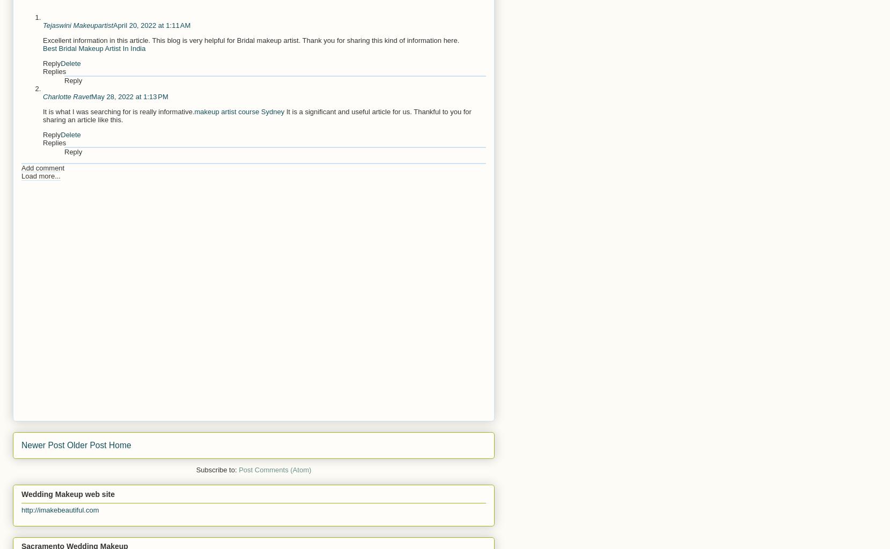 This screenshot has width=890, height=549. What do you see at coordinates (239, 112) in the screenshot?
I see `'makeup artist course Sydney'` at bounding box center [239, 112].